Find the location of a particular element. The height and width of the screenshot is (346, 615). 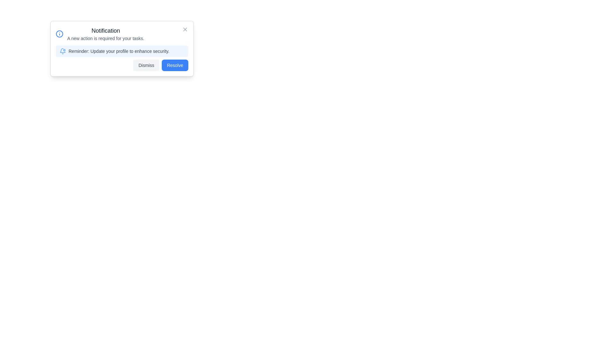

the light blue bell icon with a dot located to the left of the 'Reminder: Update your profile to enhance security' text within the notification box is located at coordinates (63, 51).